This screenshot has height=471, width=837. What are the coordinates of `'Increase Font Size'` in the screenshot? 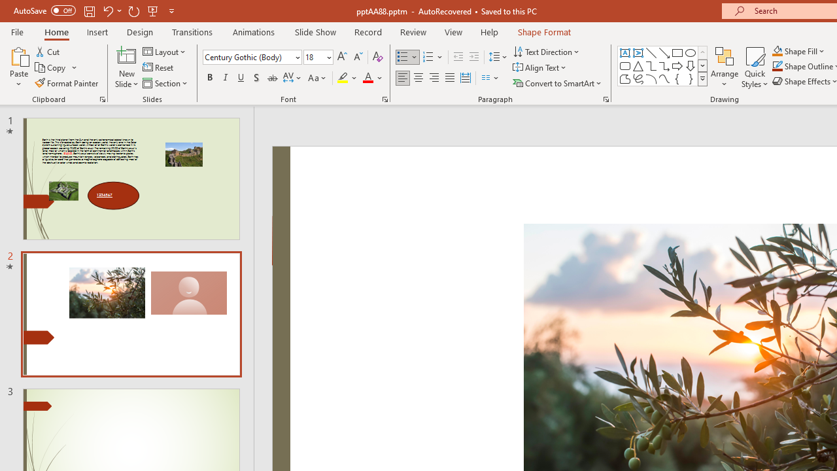 It's located at (341, 56).